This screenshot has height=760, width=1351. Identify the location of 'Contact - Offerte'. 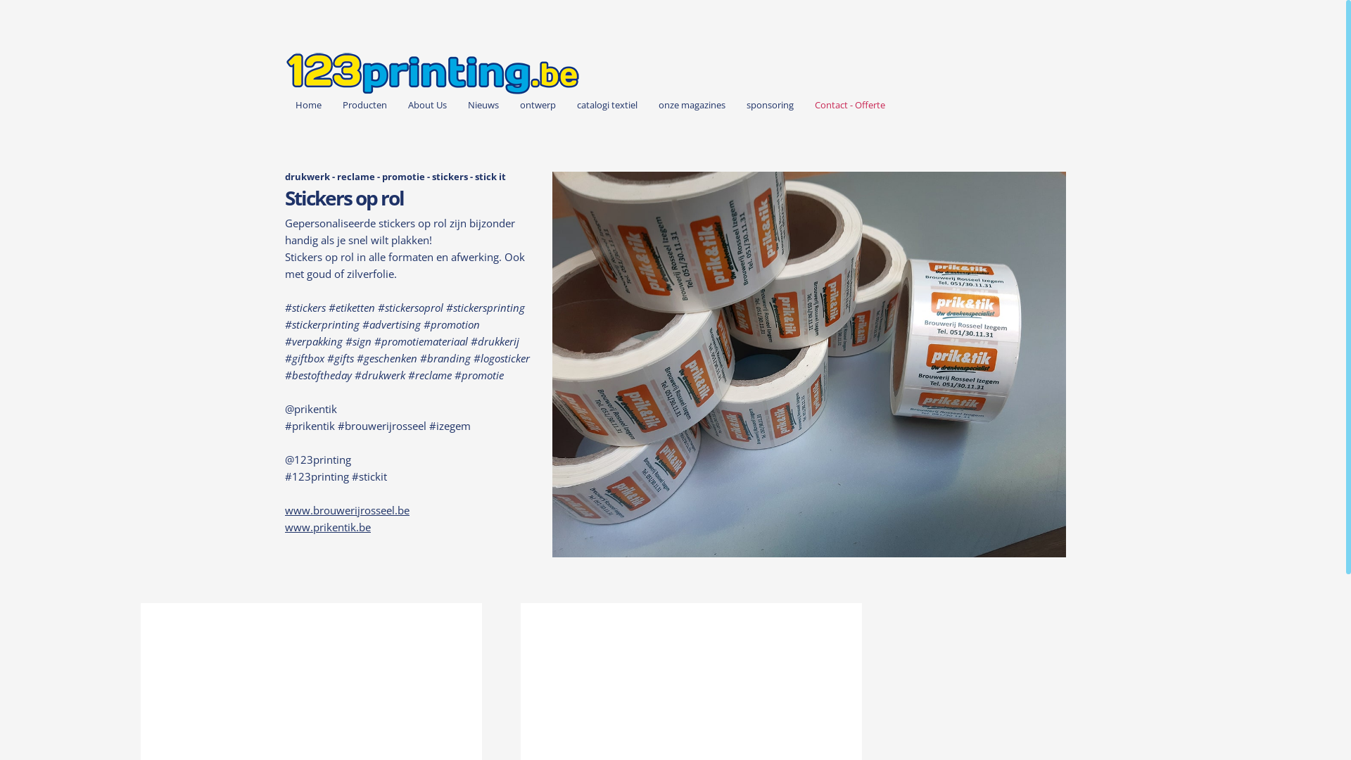
(849, 105).